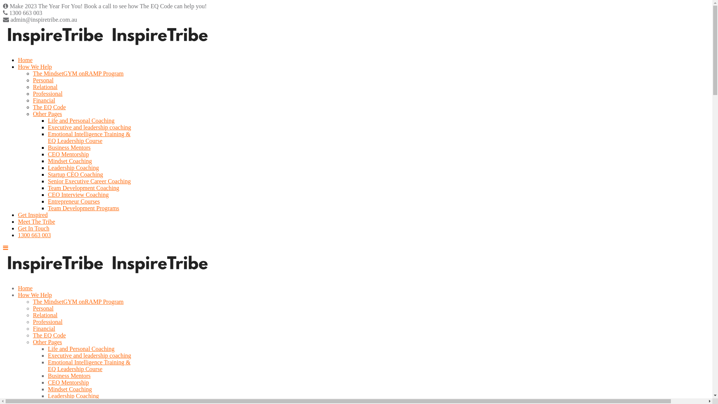 The image size is (718, 404). I want to click on 'CEO Mentorship', so click(68, 154).